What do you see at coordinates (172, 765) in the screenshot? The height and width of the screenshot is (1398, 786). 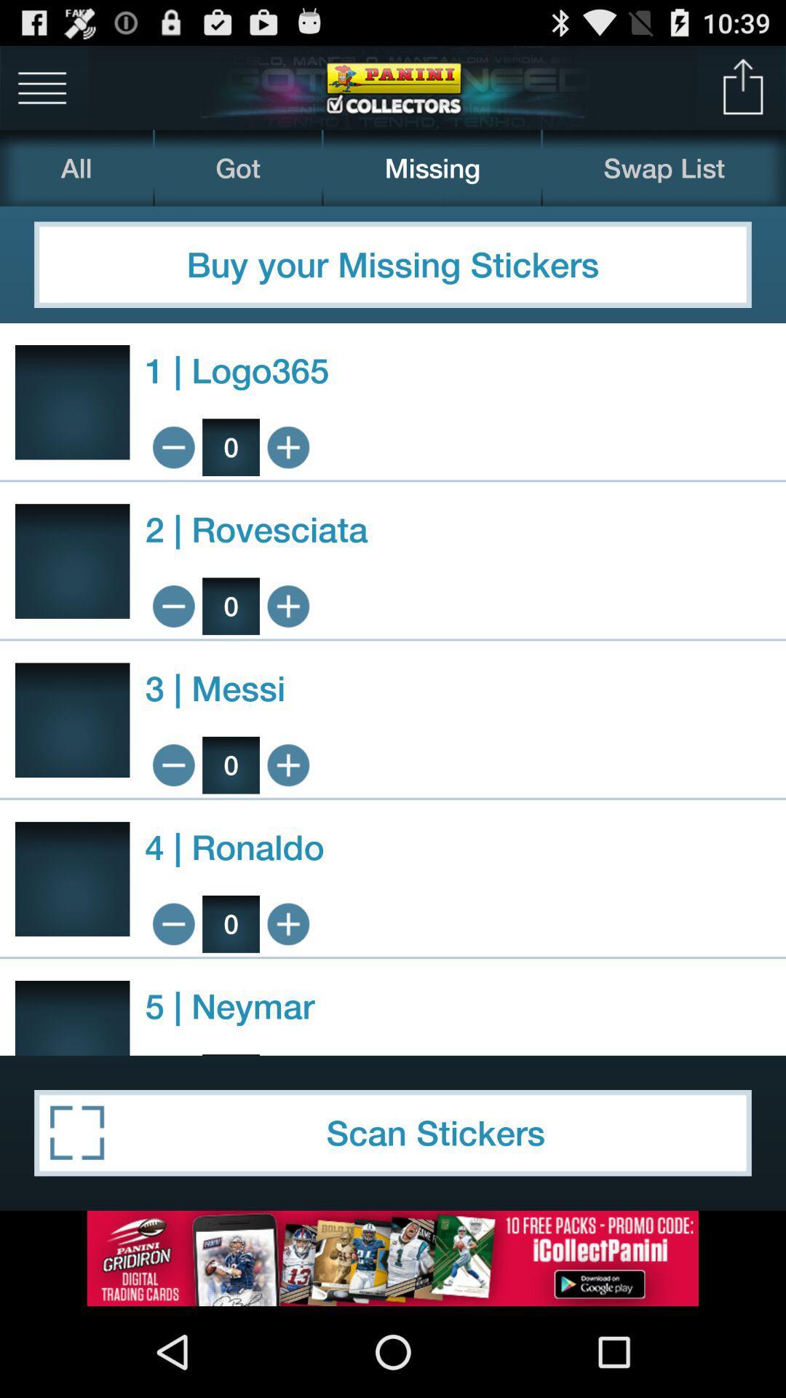 I see `fewer` at bounding box center [172, 765].